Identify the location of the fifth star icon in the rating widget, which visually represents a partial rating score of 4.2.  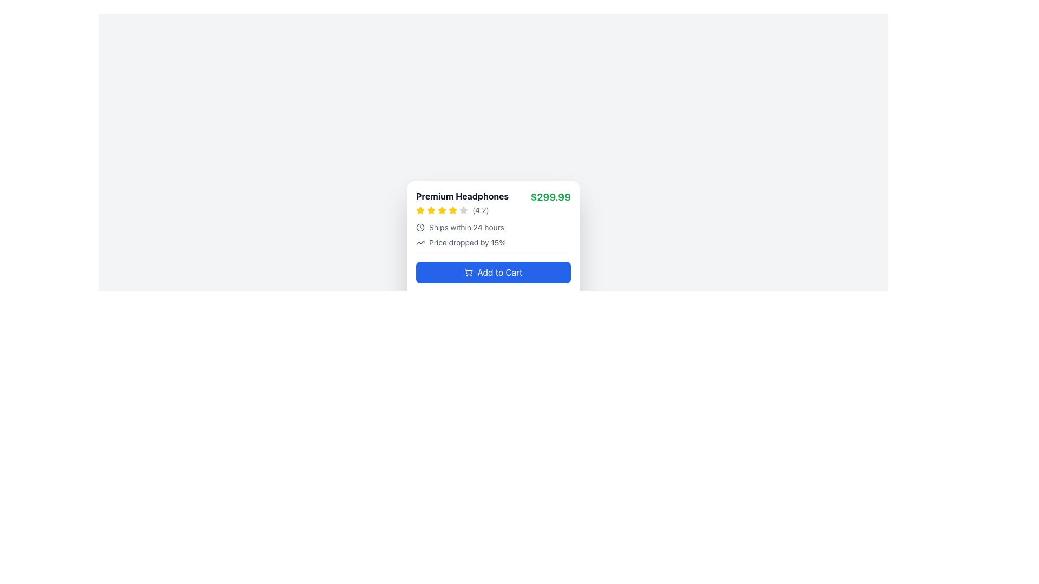
(463, 210).